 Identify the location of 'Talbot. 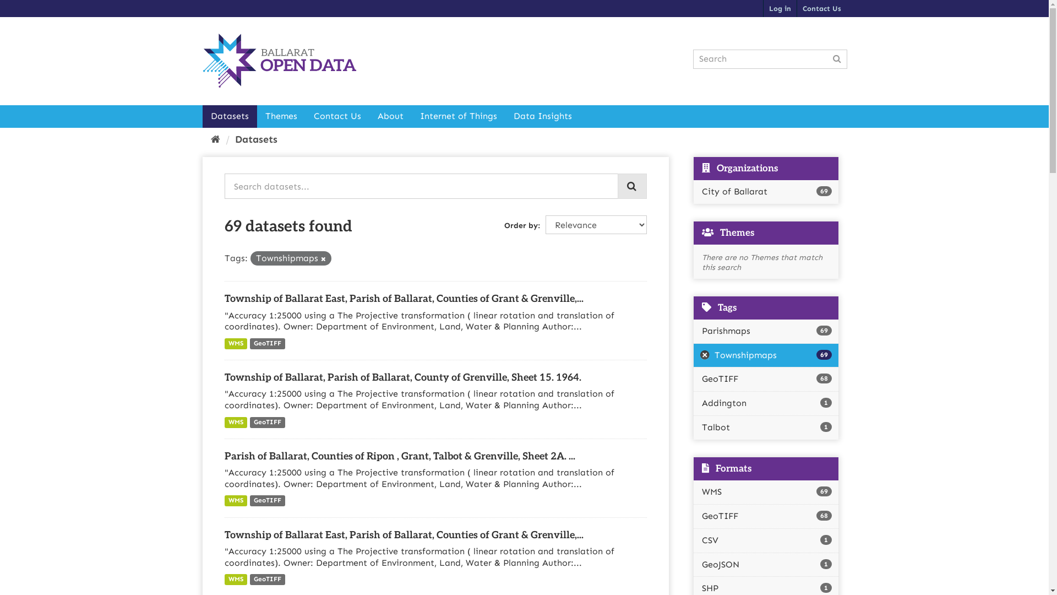
(765, 427).